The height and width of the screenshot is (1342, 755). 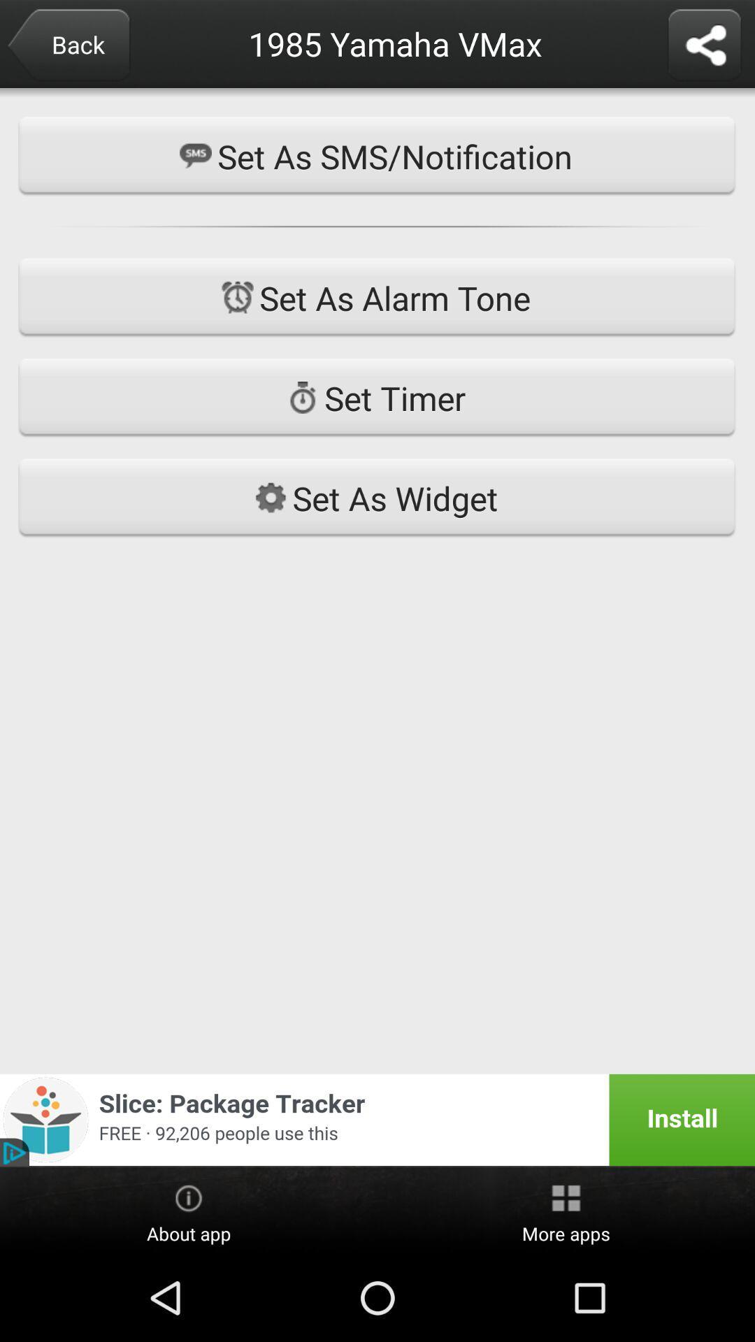 I want to click on icon next to 1985 yamaha vmax, so click(x=704, y=46).